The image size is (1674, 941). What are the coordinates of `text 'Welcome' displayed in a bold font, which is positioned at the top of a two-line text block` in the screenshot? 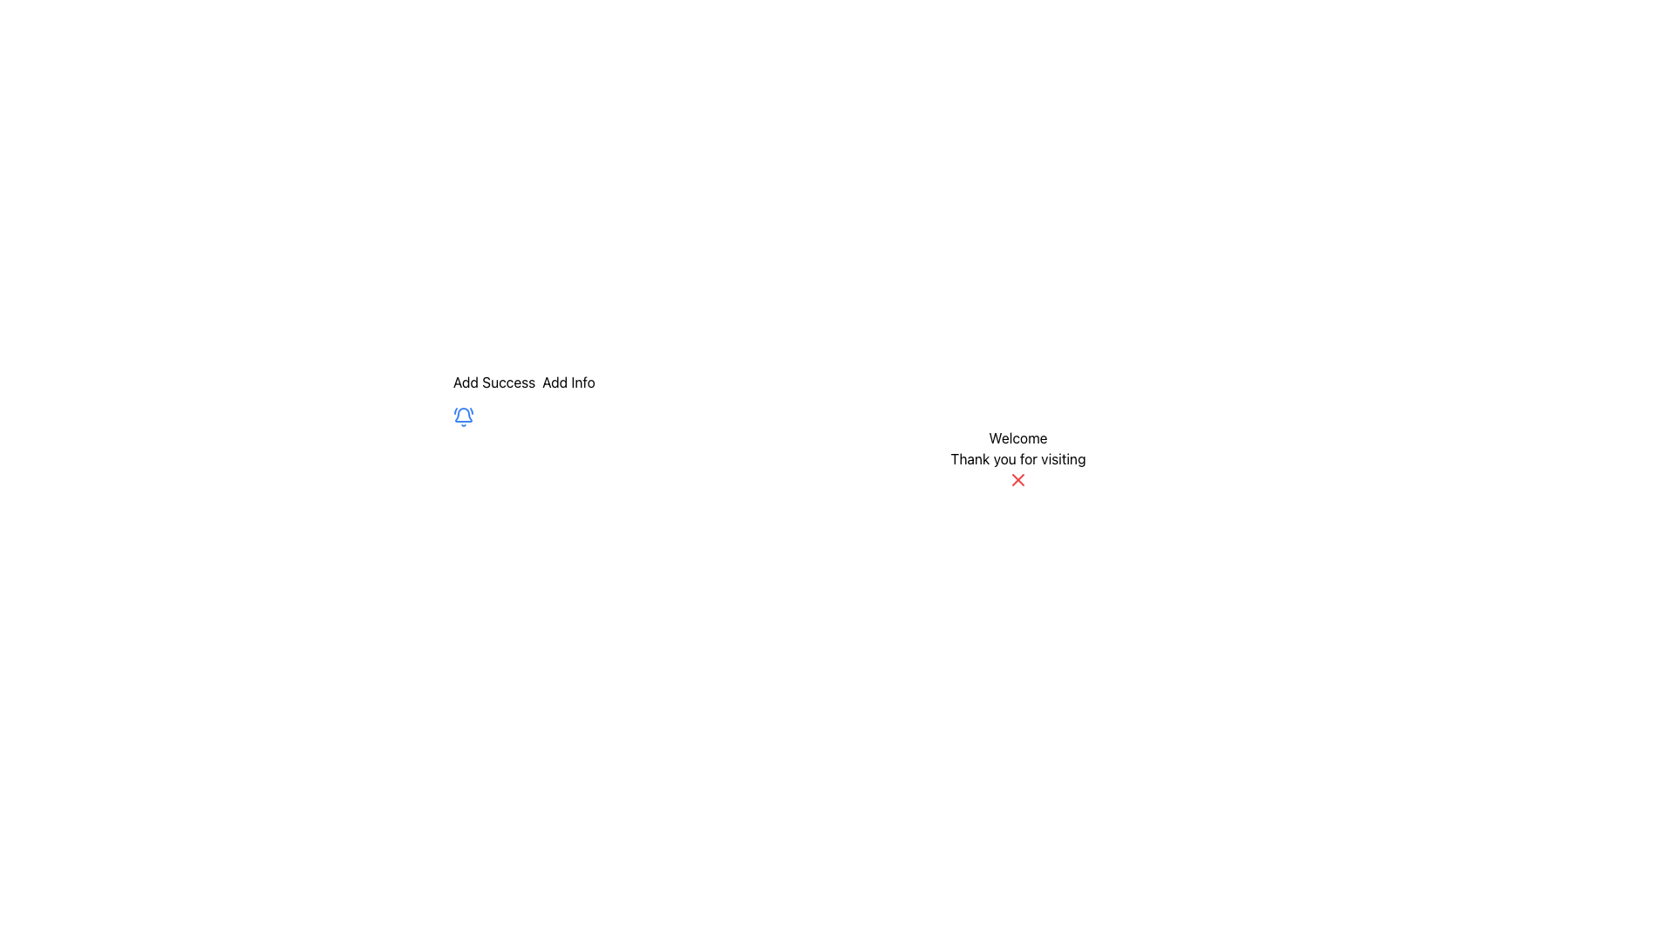 It's located at (1017, 437).